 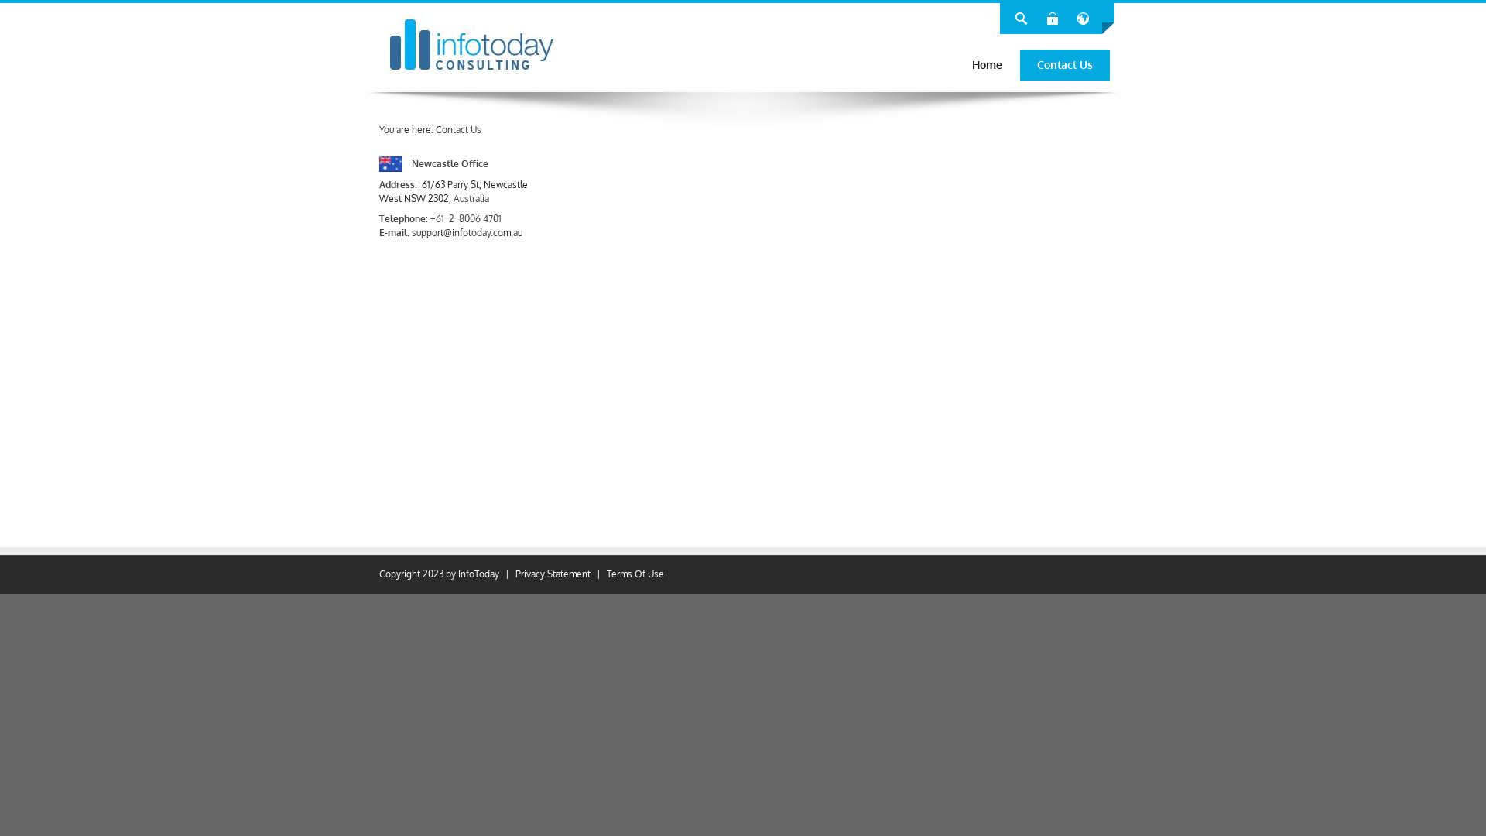 I want to click on 'Change Language', so click(x=1082, y=18).